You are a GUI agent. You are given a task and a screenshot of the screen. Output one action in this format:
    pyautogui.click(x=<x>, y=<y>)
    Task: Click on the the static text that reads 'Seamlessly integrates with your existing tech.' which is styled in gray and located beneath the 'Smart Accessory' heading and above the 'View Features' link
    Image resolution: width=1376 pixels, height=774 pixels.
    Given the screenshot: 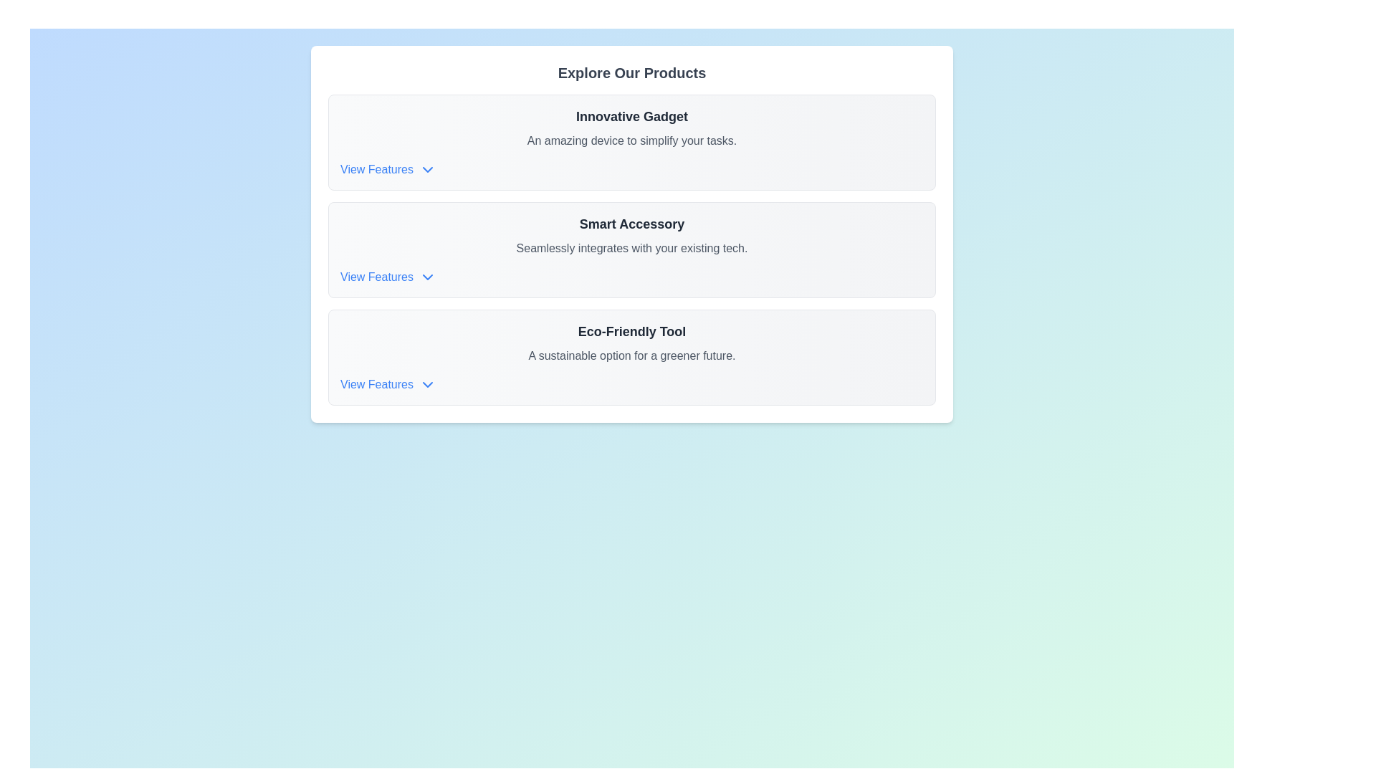 What is the action you would take?
    pyautogui.click(x=631, y=248)
    